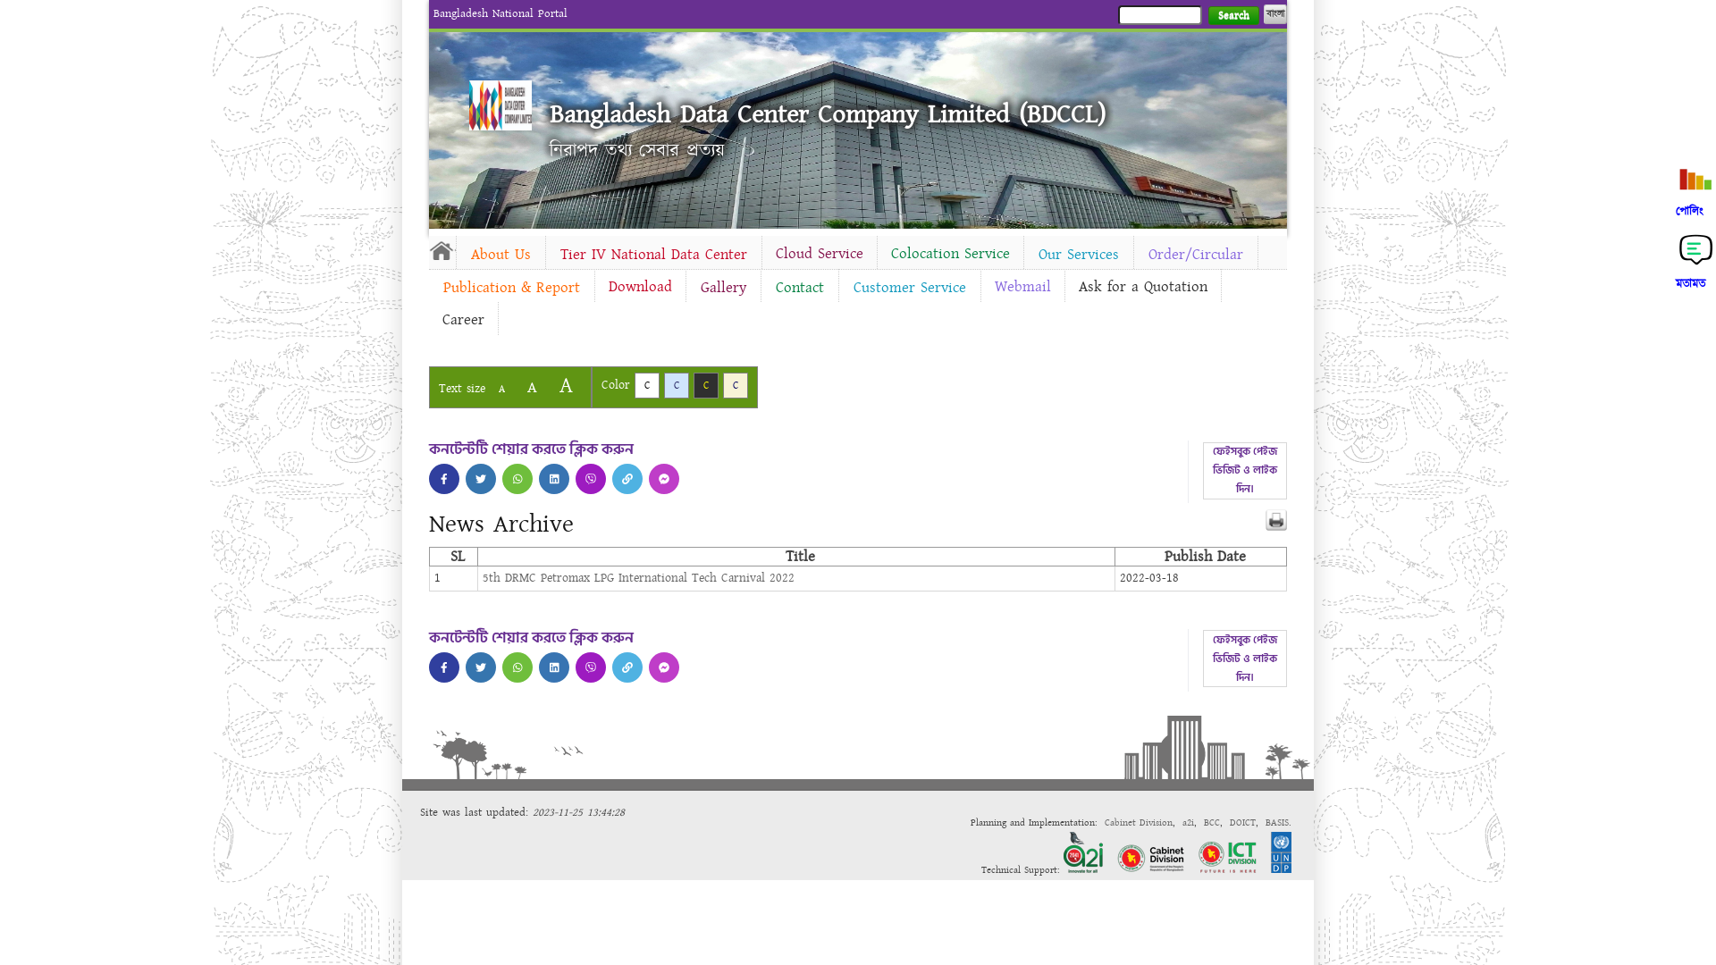  Describe the element at coordinates (1229, 822) in the screenshot. I see `'DOICT'` at that location.